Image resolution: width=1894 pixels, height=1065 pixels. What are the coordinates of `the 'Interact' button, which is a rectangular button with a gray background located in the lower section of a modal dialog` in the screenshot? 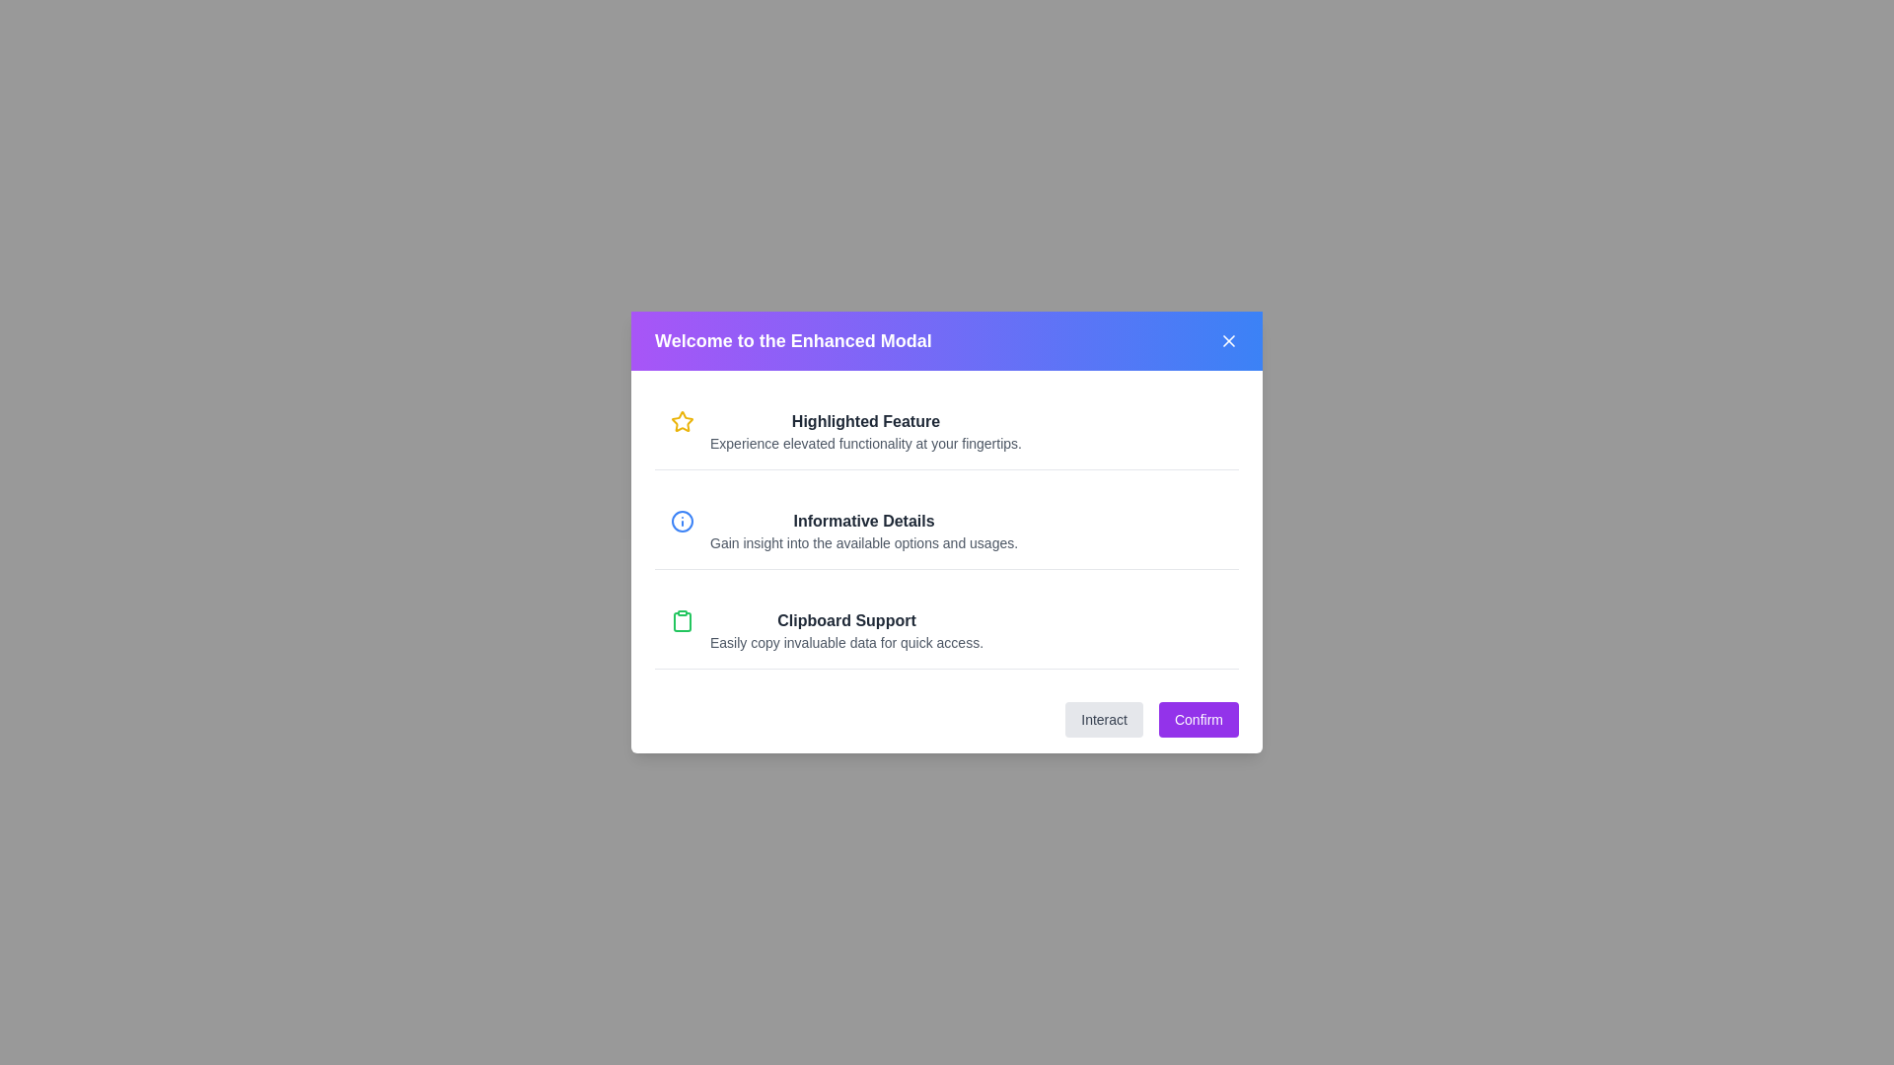 It's located at (1103, 719).